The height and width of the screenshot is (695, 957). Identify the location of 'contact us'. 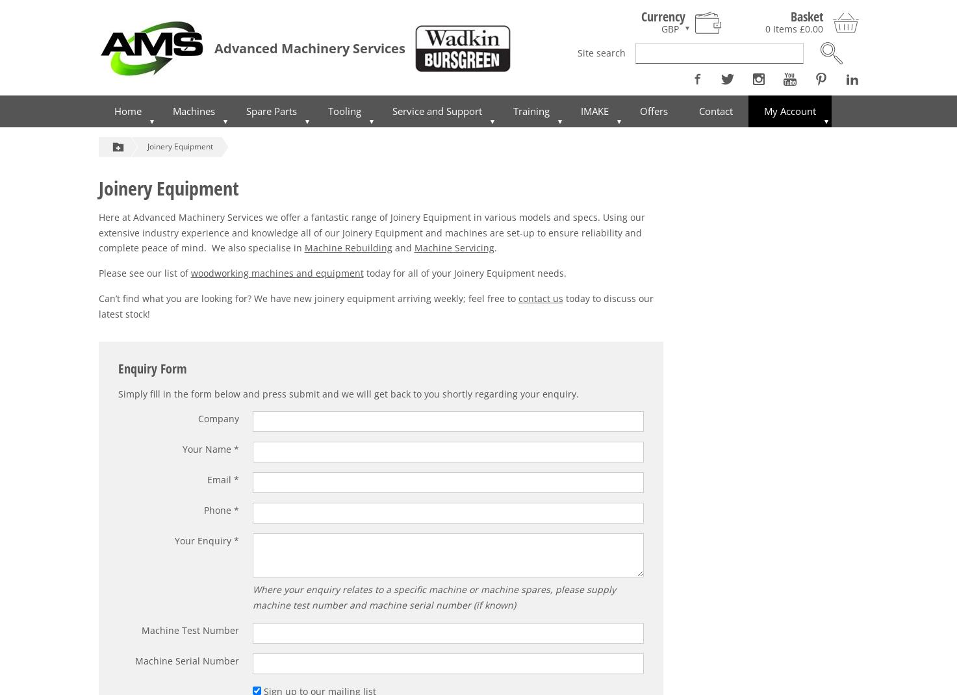
(540, 298).